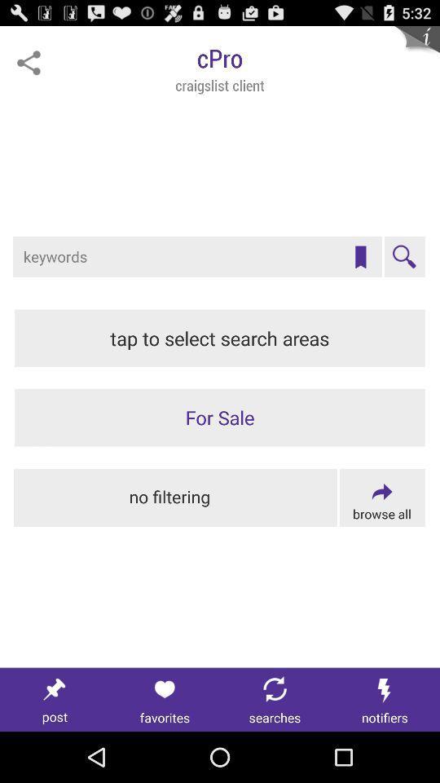  I want to click on more information, so click(416, 47).